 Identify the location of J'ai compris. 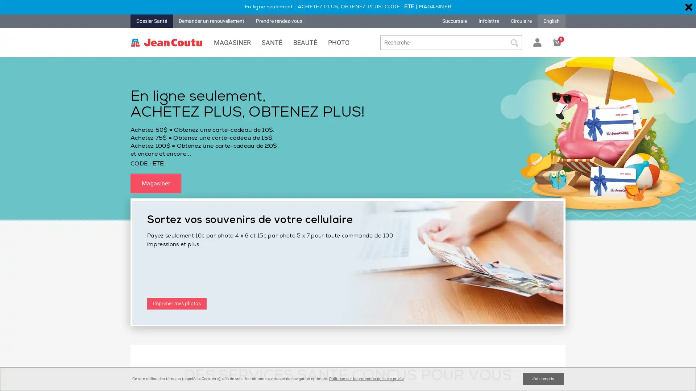
(543, 378).